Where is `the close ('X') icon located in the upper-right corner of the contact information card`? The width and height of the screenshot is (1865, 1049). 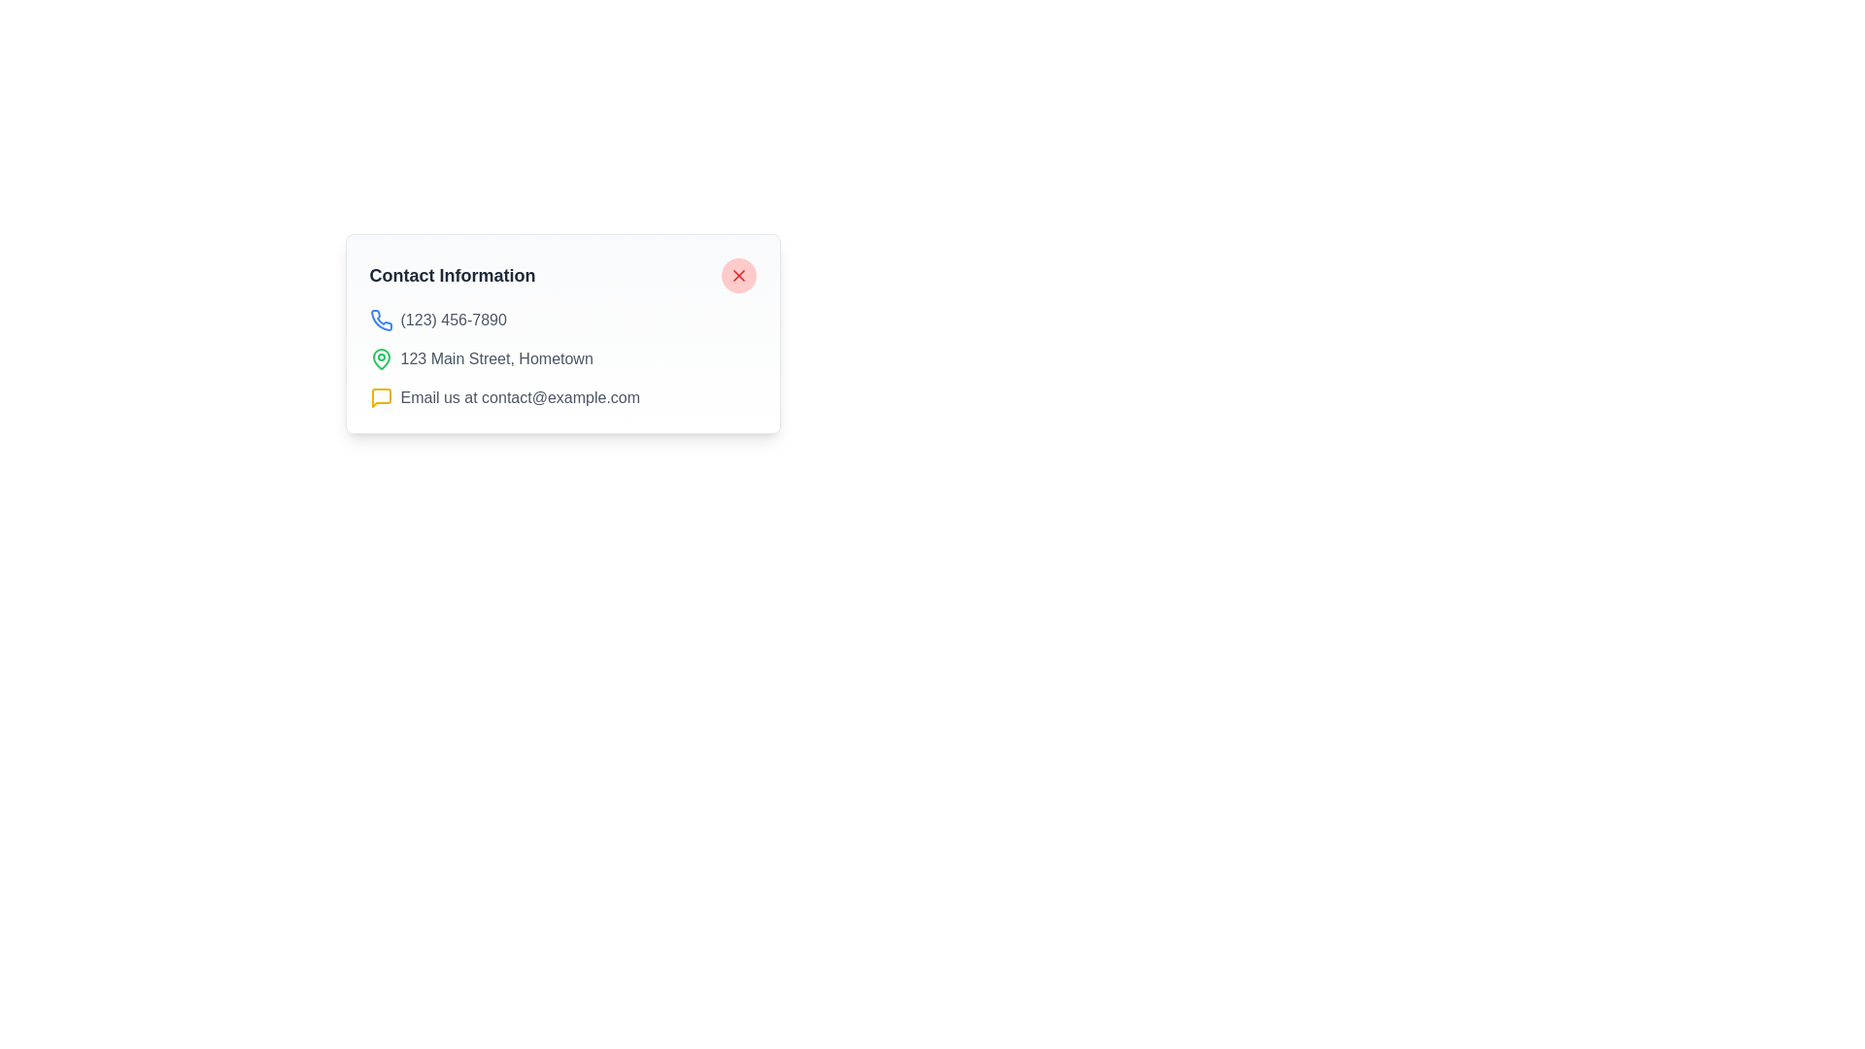 the close ('X') icon located in the upper-right corner of the contact information card is located at coordinates (737, 276).